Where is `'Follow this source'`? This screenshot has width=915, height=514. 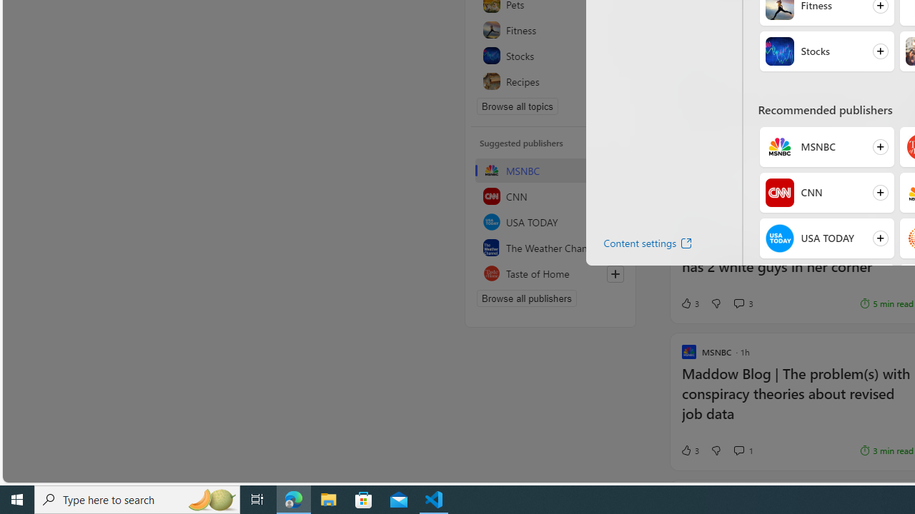
'Follow this source' is located at coordinates (615, 274).